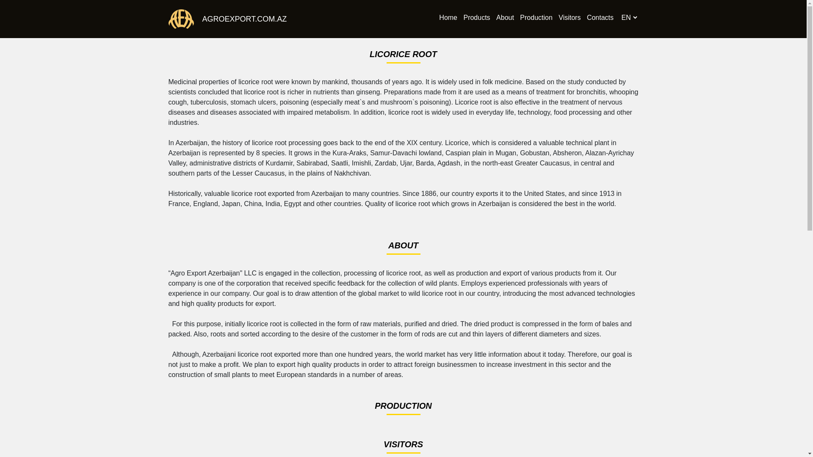 This screenshot has height=457, width=813. I want to click on 'Production', so click(536, 18).